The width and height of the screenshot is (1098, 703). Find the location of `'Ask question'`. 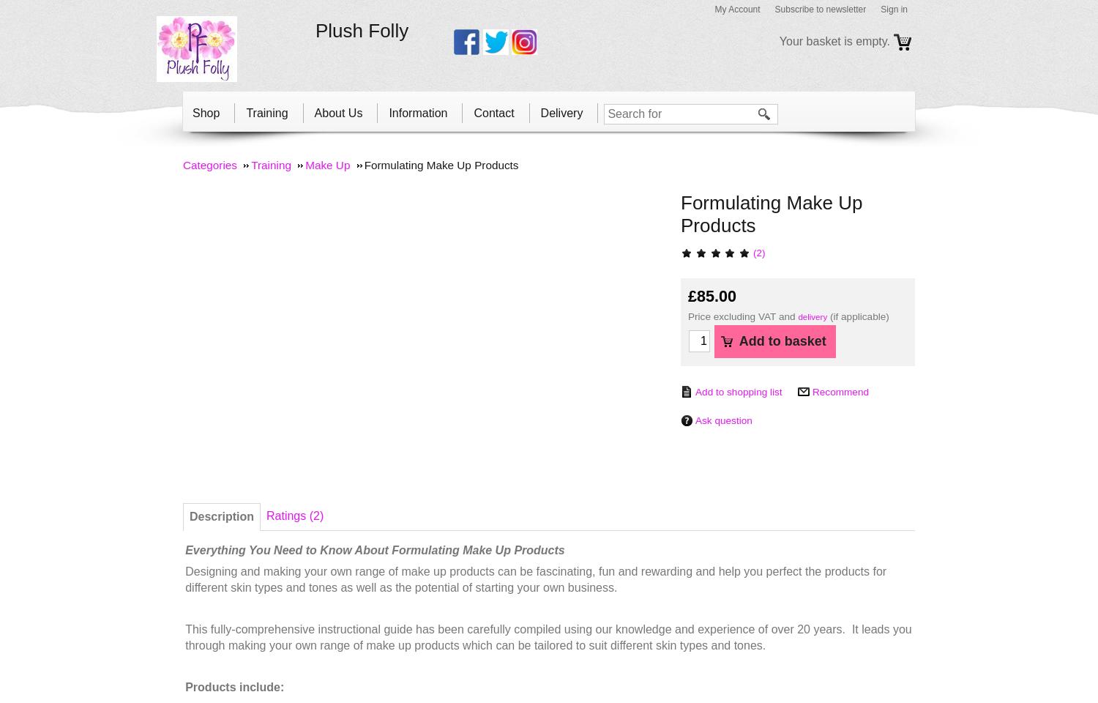

'Ask question' is located at coordinates (722, 420).